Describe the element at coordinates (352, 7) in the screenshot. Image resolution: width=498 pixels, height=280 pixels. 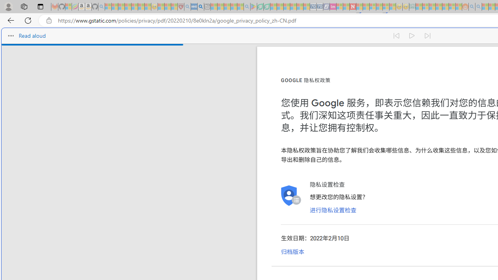
I see `'Latest Politics News & Archive | Newsweek.com - Sleeping'` at that location.